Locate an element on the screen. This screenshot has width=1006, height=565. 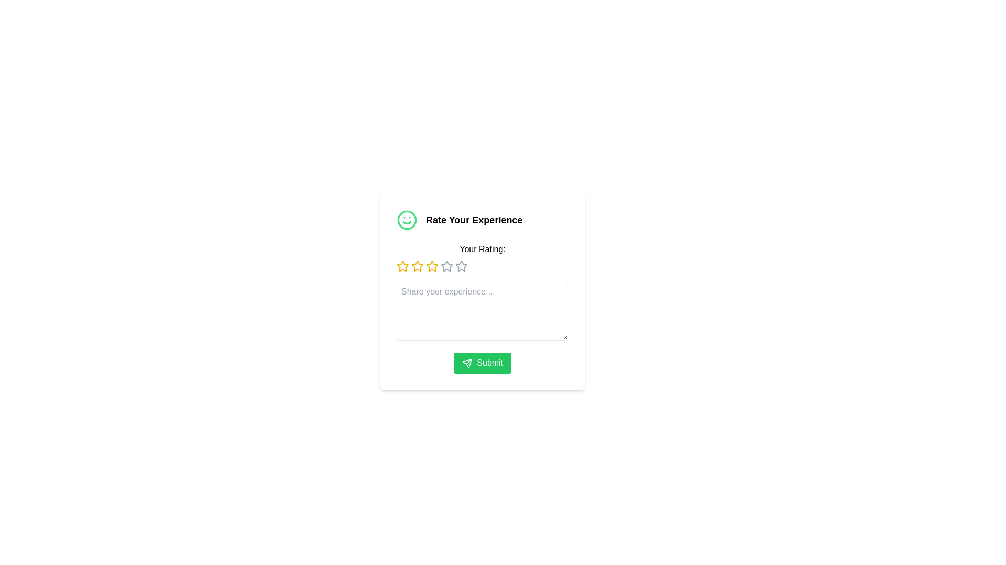
text label that says 'Rate Your Experience,' which is styled in bold and larger font, located above the interactive rating stars is located at coordinates (474, 219).